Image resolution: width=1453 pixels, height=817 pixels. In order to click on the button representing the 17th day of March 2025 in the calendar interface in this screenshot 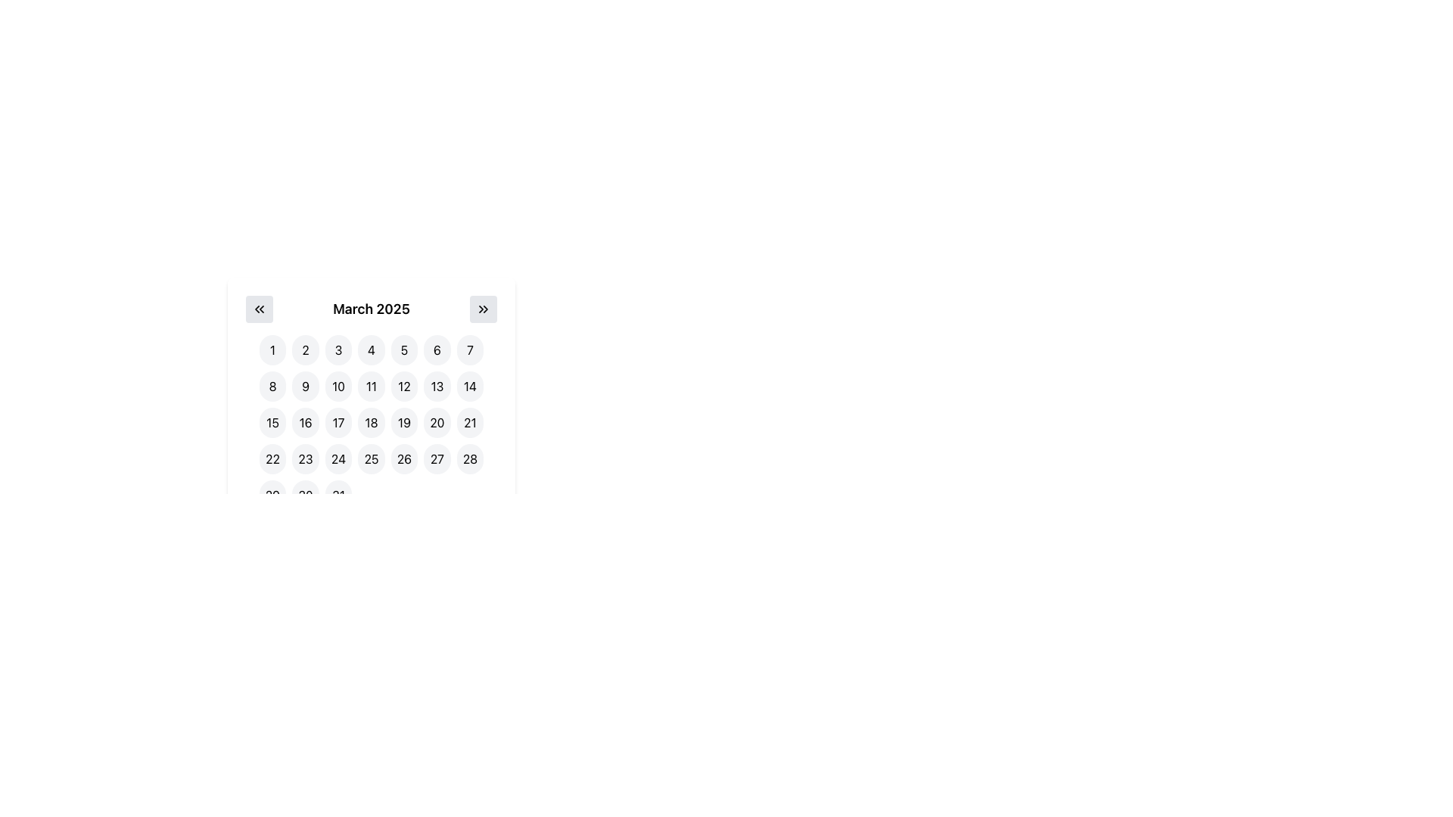, I will do `click(338, 423)`.